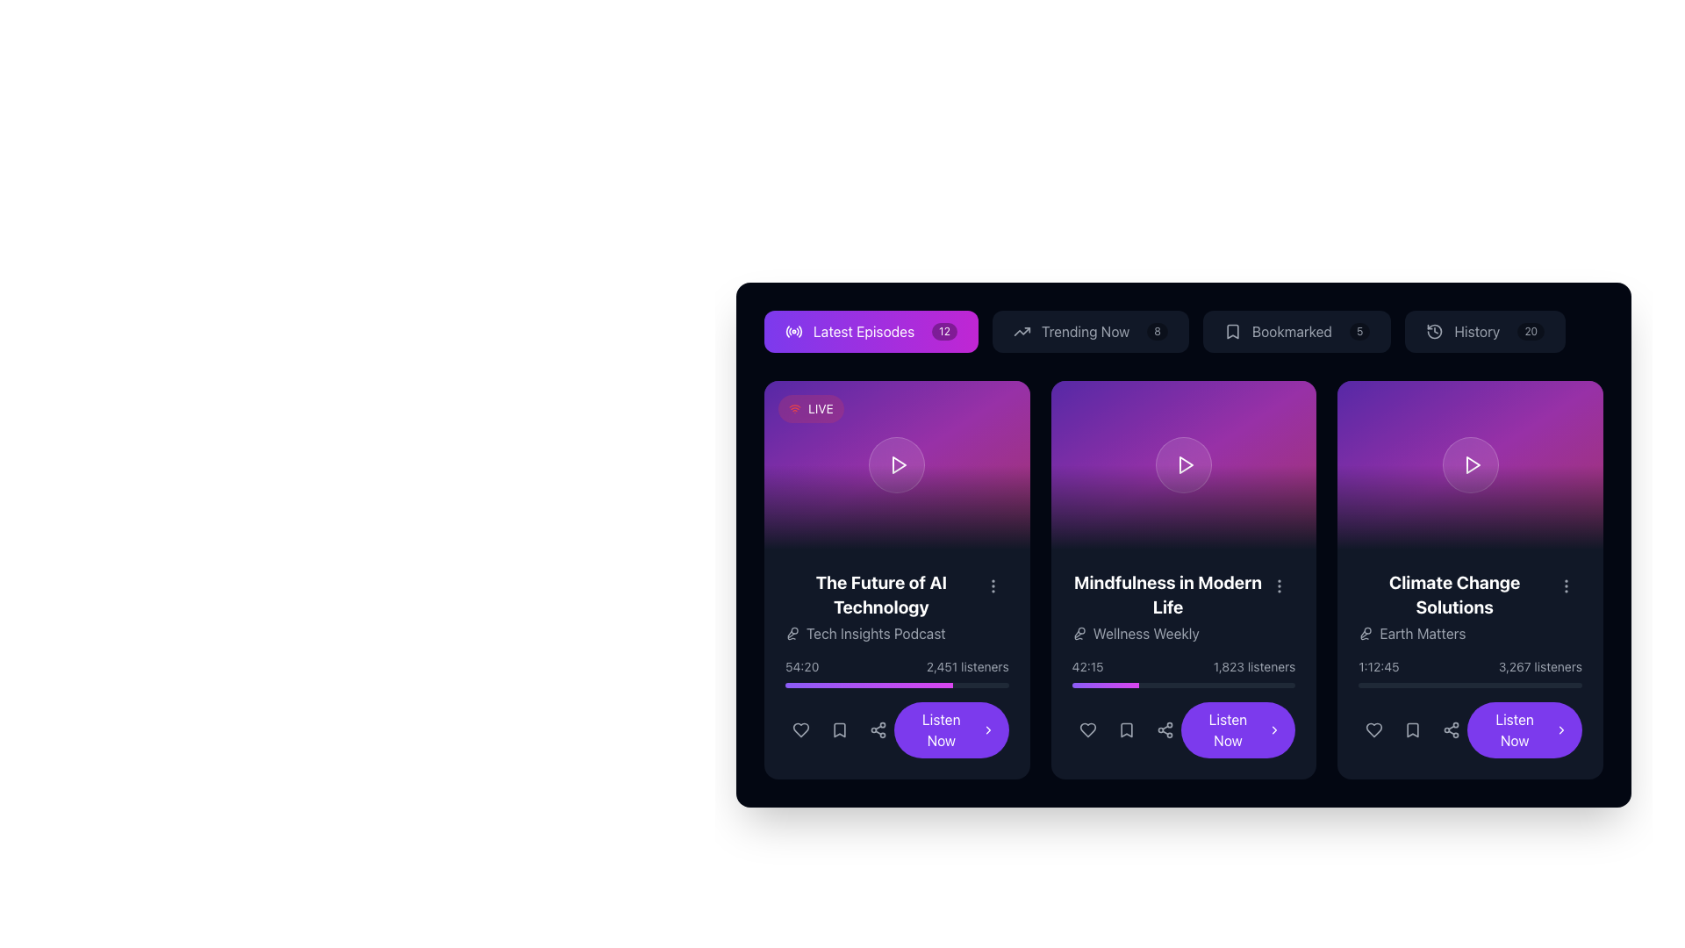  What do you see at coordinates (897, 672) in the screenshot?
I see `the progress bar displaying playtime and listener statistics for the podcast episode titled 'The Future of AI Technology' to seek through the episode` at bounding box center [897, 672].